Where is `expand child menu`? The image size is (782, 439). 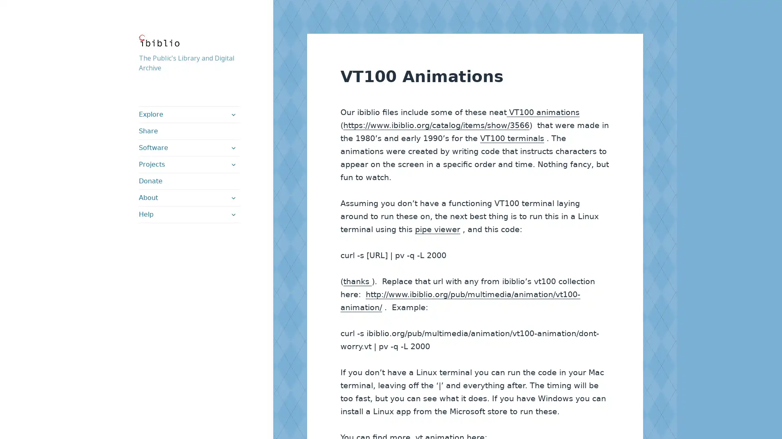
expand child menu is located at coordinates (232, 165).